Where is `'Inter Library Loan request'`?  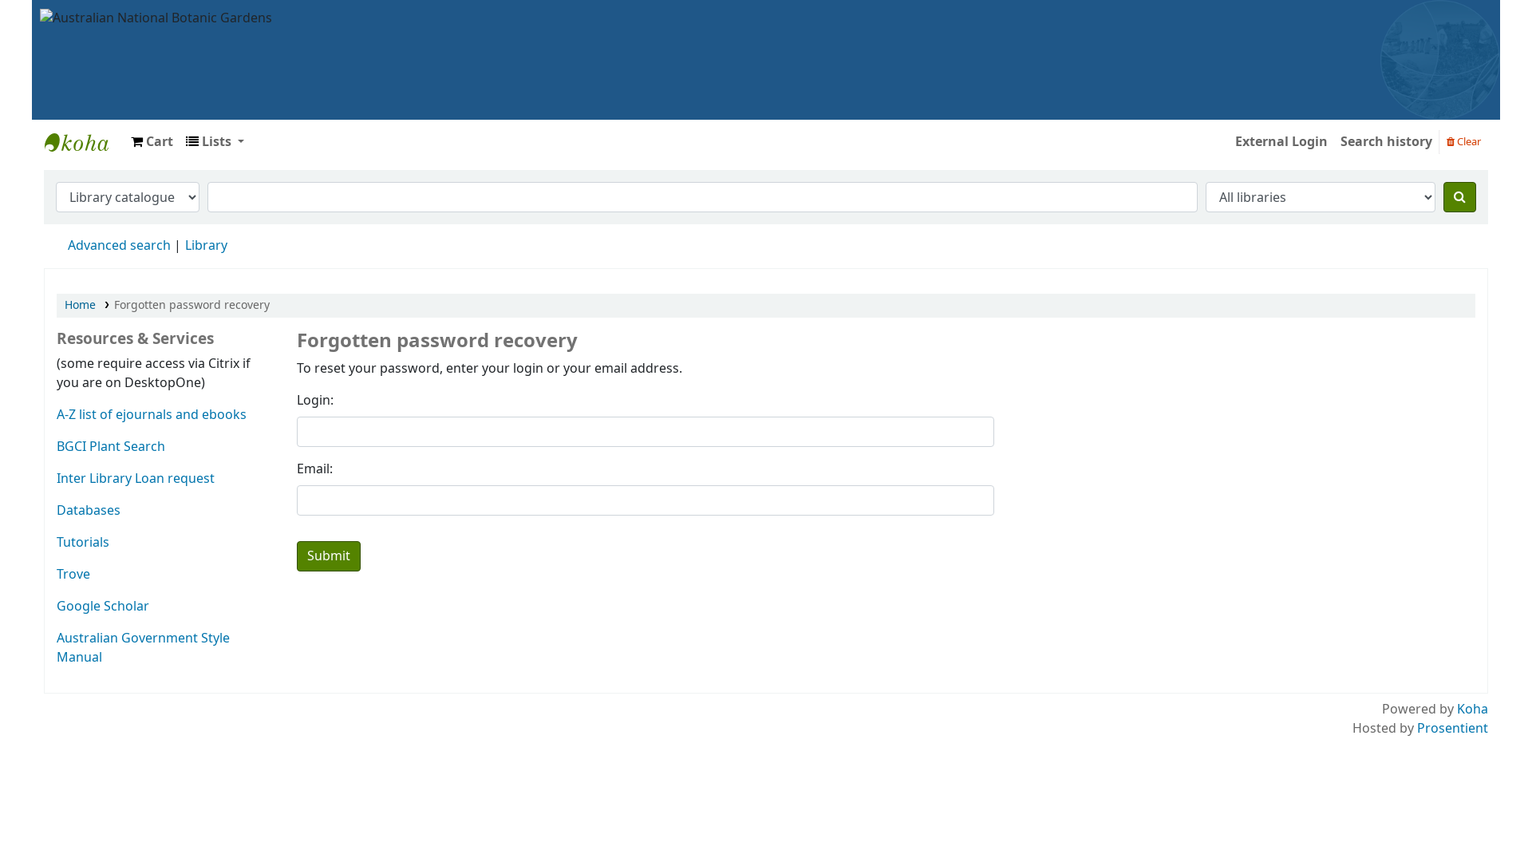
'Inter Library Loan request' is located at coordinates (135, 478).